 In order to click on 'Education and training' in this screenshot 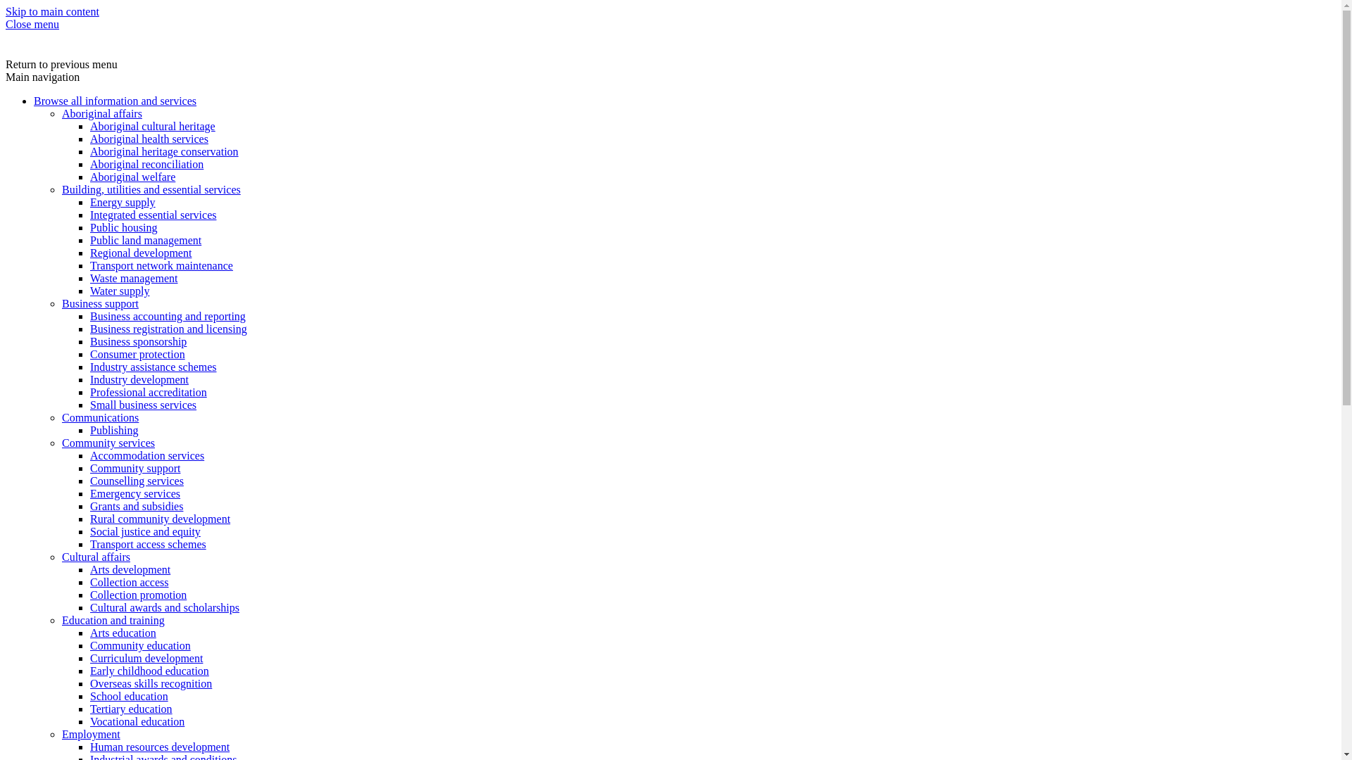, I will do `click(113, 619)`.